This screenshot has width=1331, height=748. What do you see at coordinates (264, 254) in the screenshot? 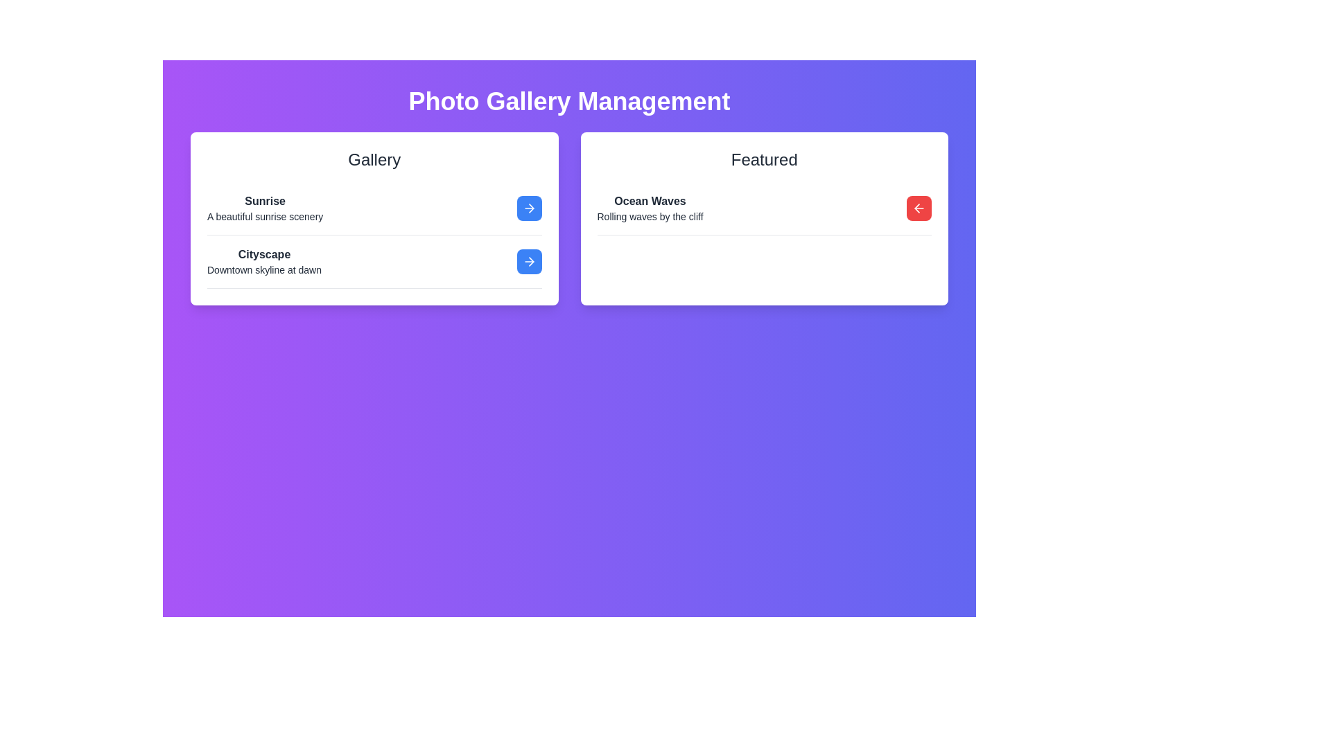
I see `the 'Cityscape' text label in the 'Gallery' section, which is the second item in the list beneath 'Sunrise'` at bounding box center [264, 254].